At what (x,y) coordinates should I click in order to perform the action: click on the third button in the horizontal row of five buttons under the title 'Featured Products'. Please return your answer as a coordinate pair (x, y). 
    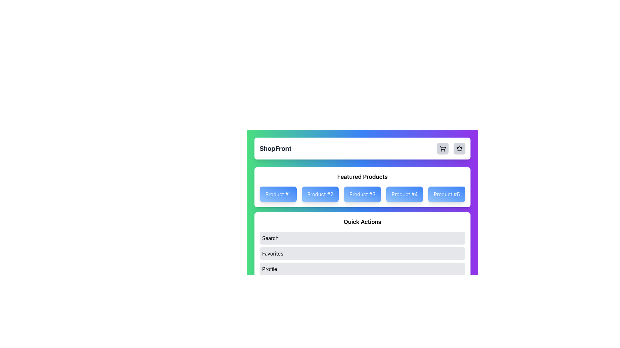
    Looking at the image, I should click on (362, 194).